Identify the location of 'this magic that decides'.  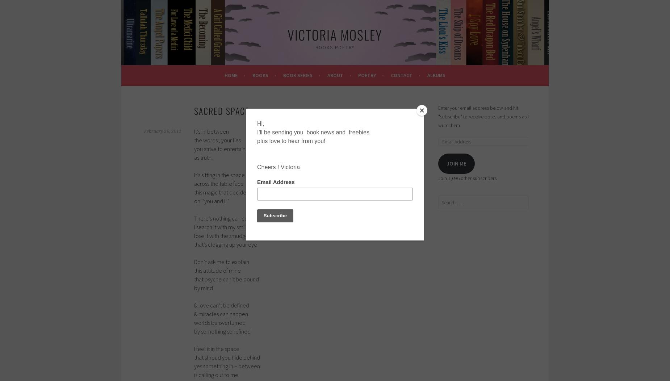
(221, 192).